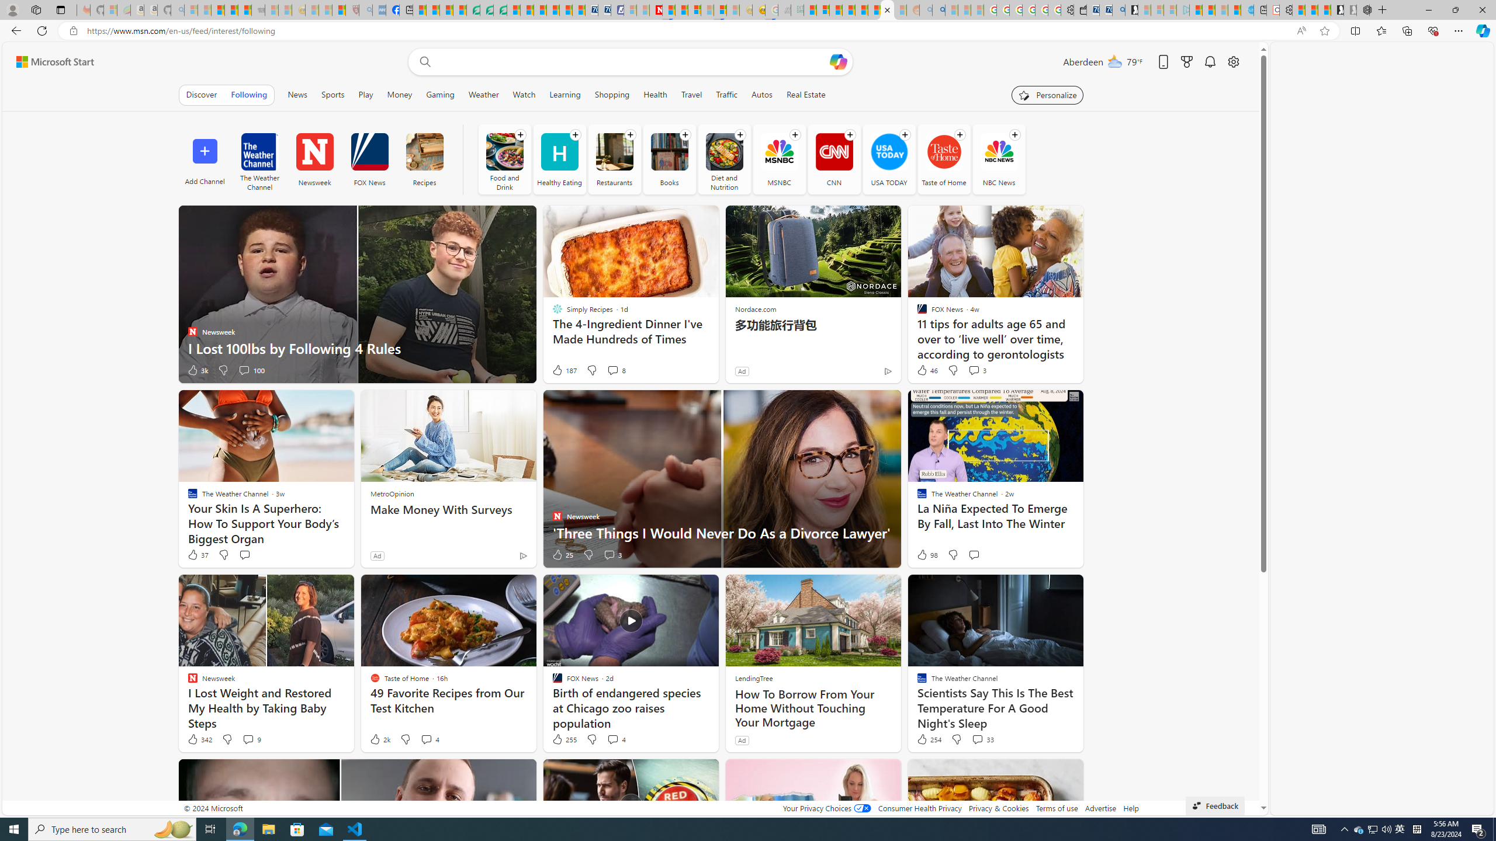  What do you see at coordinates (251, 370) in the screenshot?
I see `'View comments 100 Comment'` at bounding box center [251, 370].